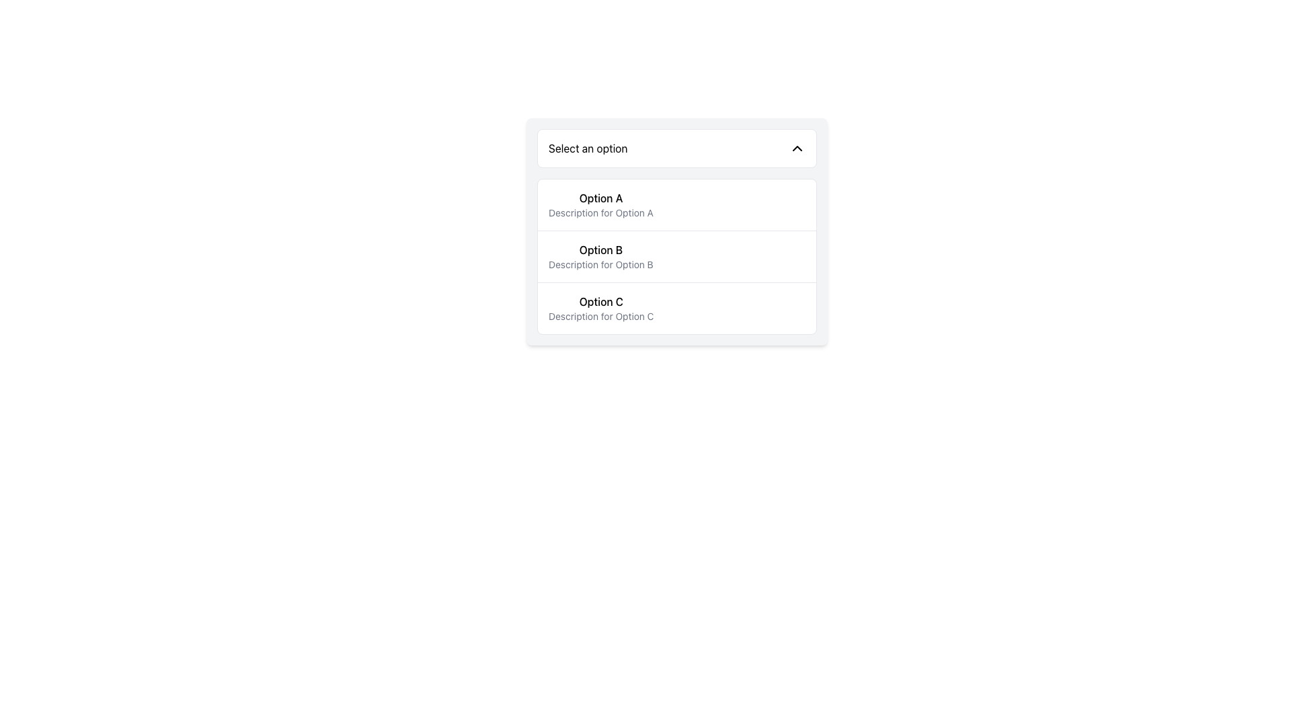 The height and width of the screenshot is (726, 1291). I want to click on to select 'Option B' from the dropdown menu, which is the second selectable option between 'Option A' and 'Option C', so click(677, 231).